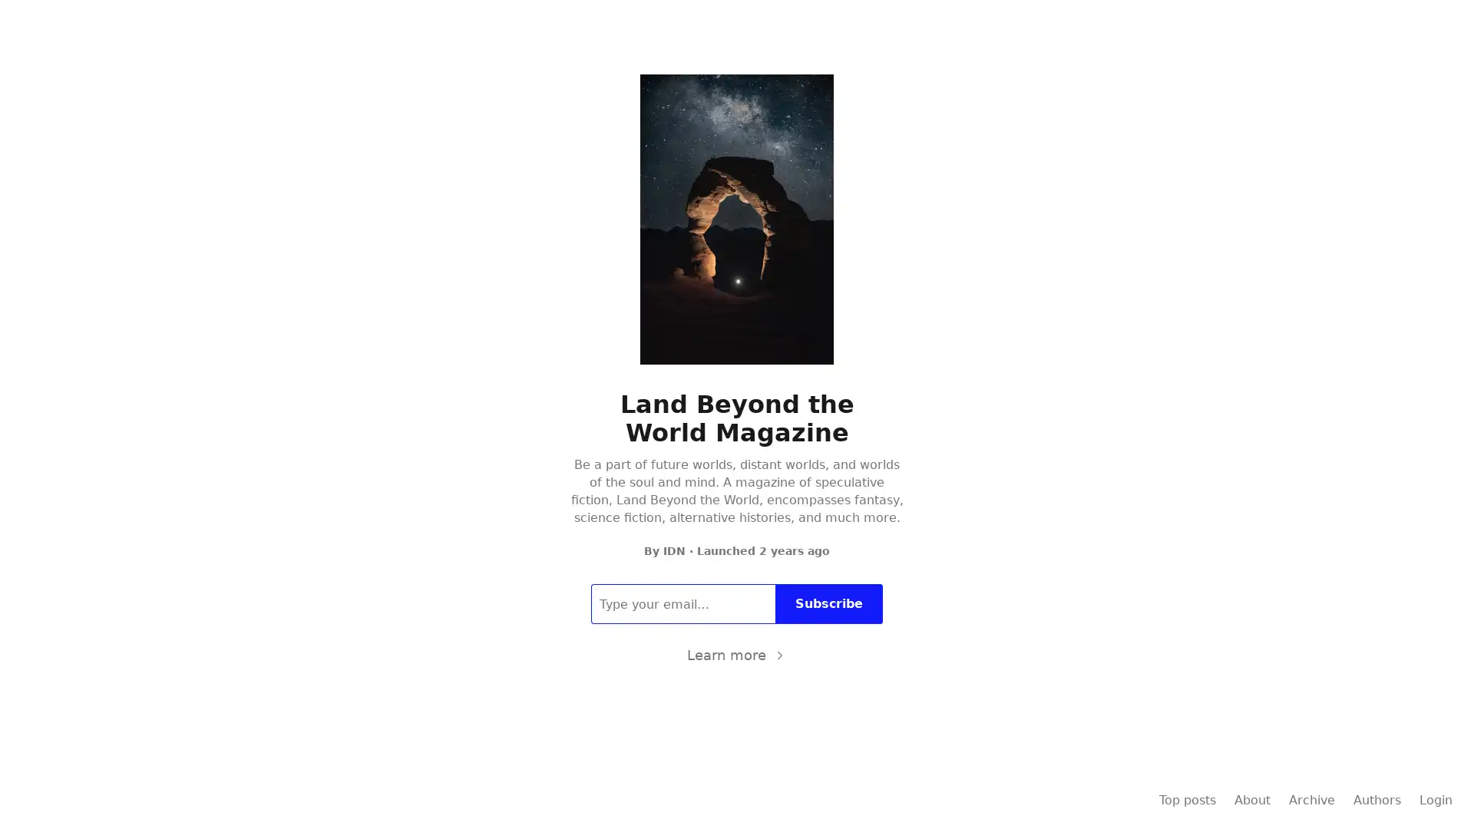 Image resolution: width=1474 pixels, height=829 pixels. Describe the element at coordinates (735, 655) in the screenshot. I see `Learn more` at that location.